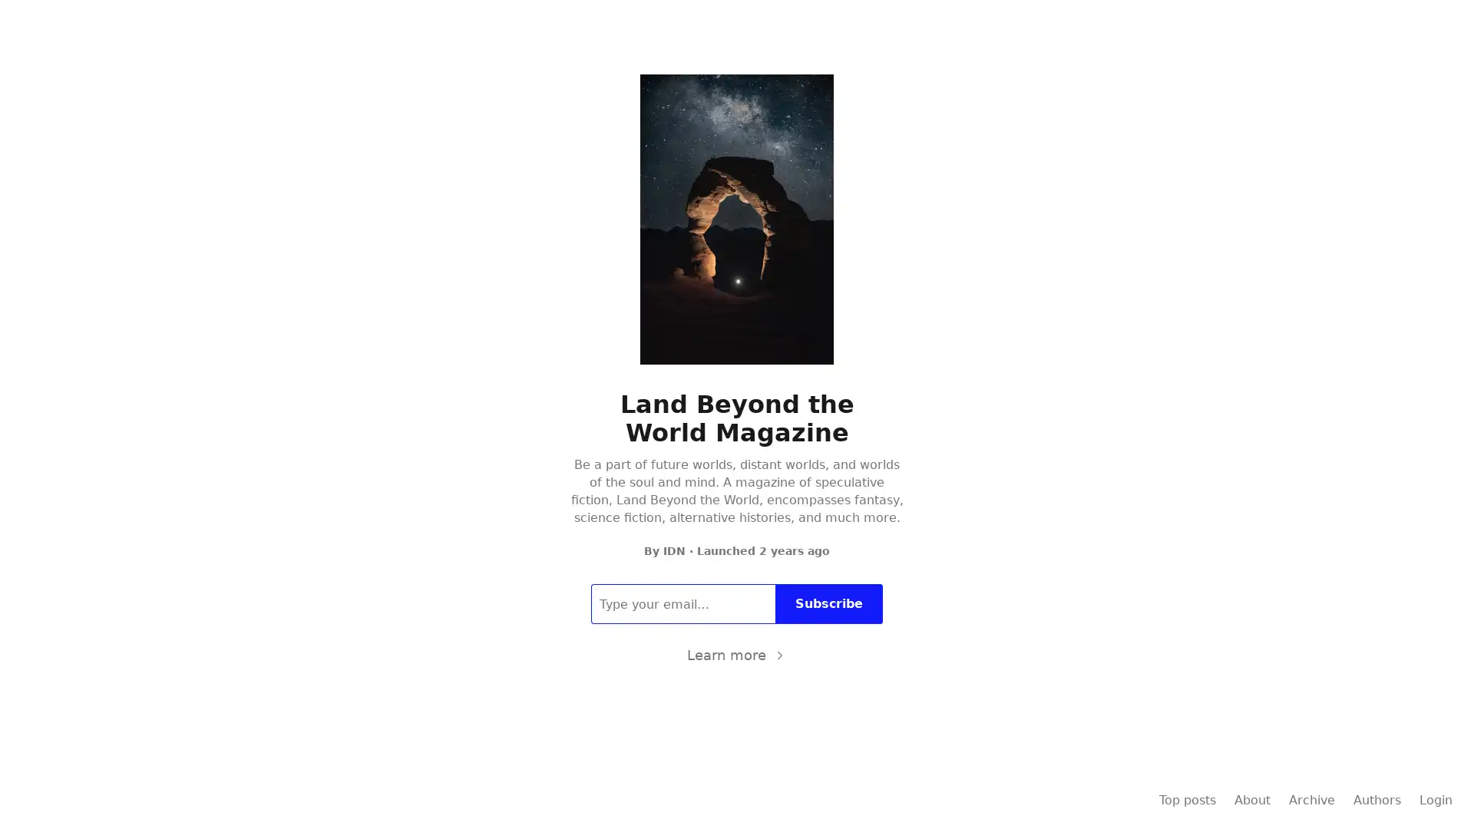 Image resolution: width=1474 pixels, height=829 pixels. Describe the element at coordinates (735, 655) in the screenshot. I see `Learn more` at that location.